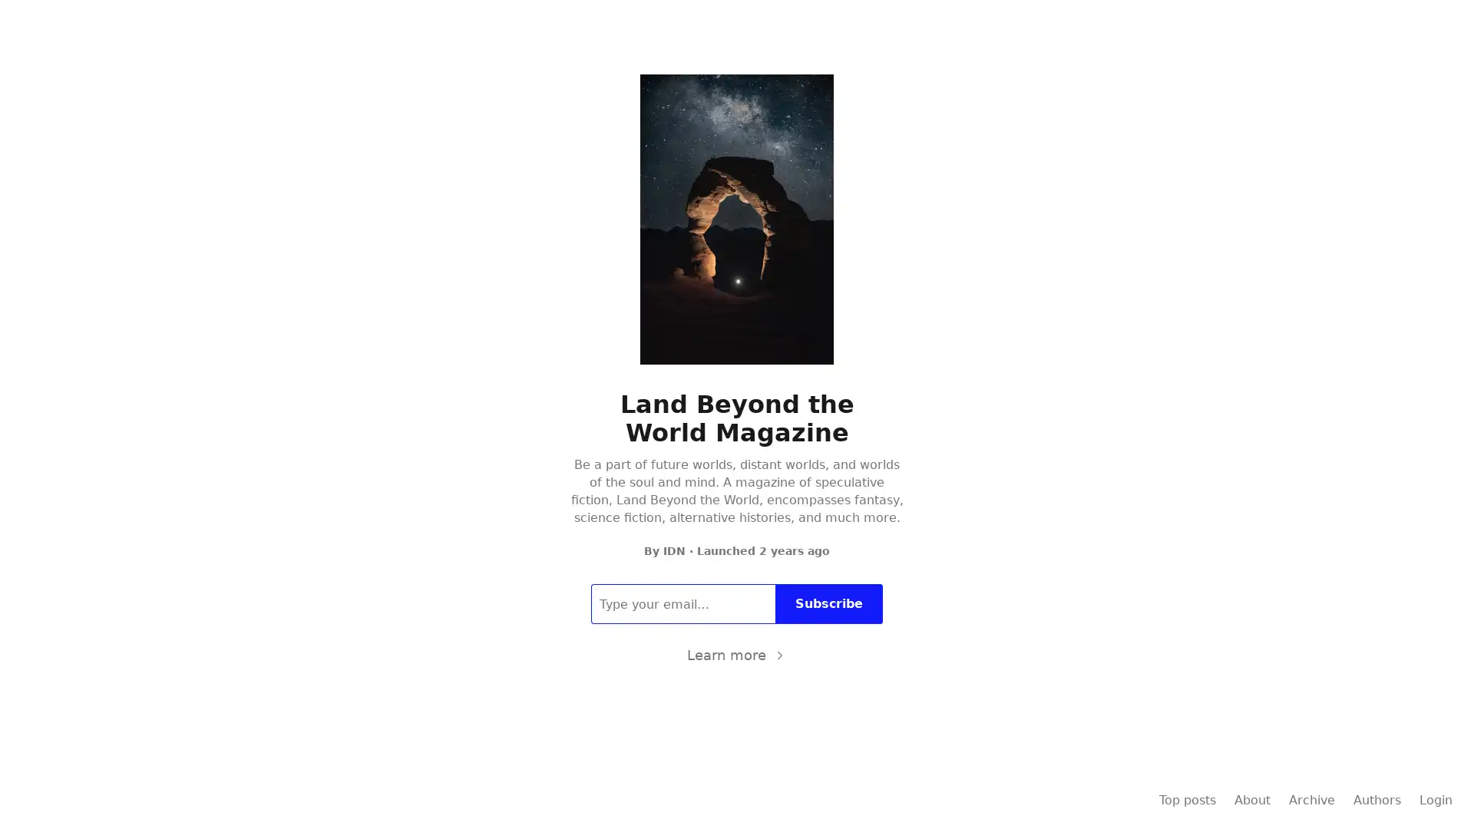 Image resolution: width=1474 pixels, height=829 pixels. Describe the element at coordinates (735, 655) in the screenshot. I see `Learn more` at that location.